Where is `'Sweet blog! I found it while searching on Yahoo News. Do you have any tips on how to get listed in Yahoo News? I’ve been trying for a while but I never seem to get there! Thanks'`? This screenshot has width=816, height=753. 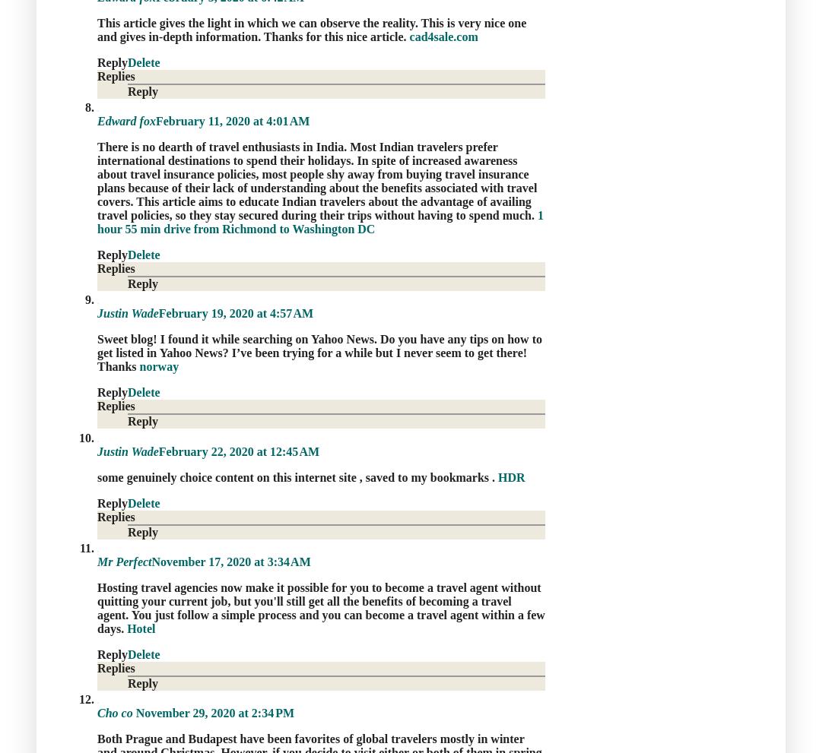 'Sweet blog! I found it while searching on Yahoo News. Do you have any tips on how to get listed in Yahoo News? I’ve been trying for a while but I never seem to get there! Thanks' is located at coordinates (97, 352).